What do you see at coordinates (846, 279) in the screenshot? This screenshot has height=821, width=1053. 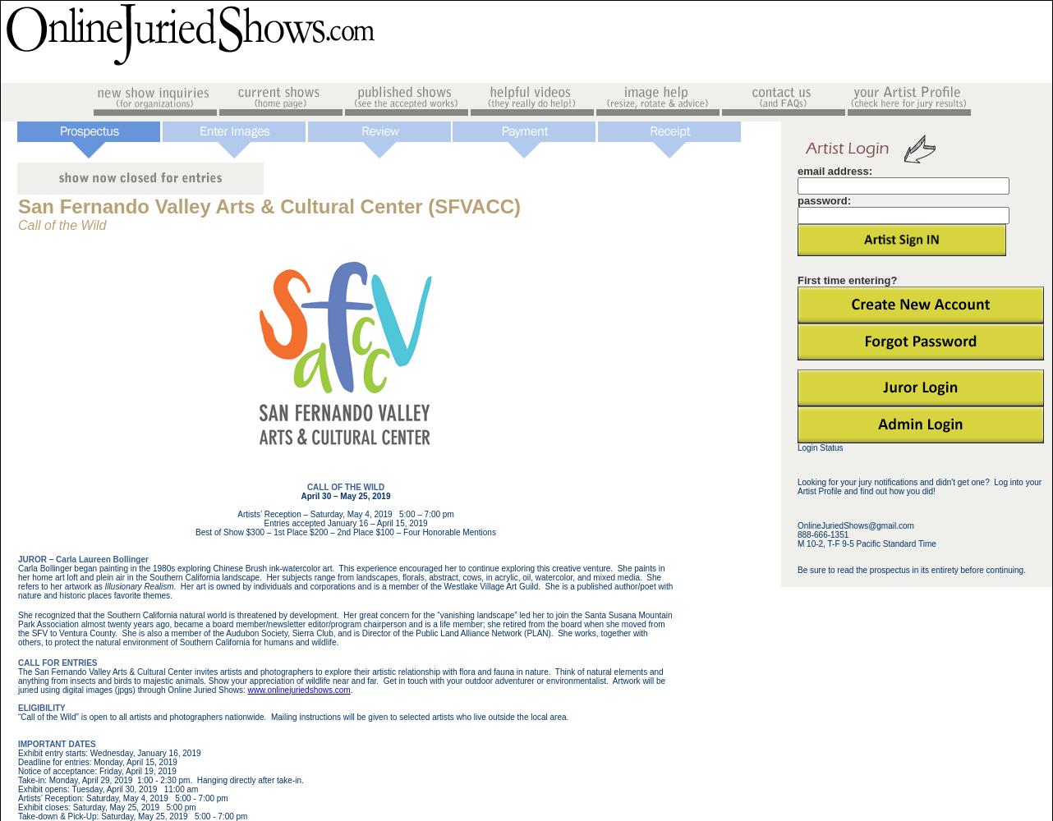 I see `'First time entering?'` at bounding box center [846, 279].